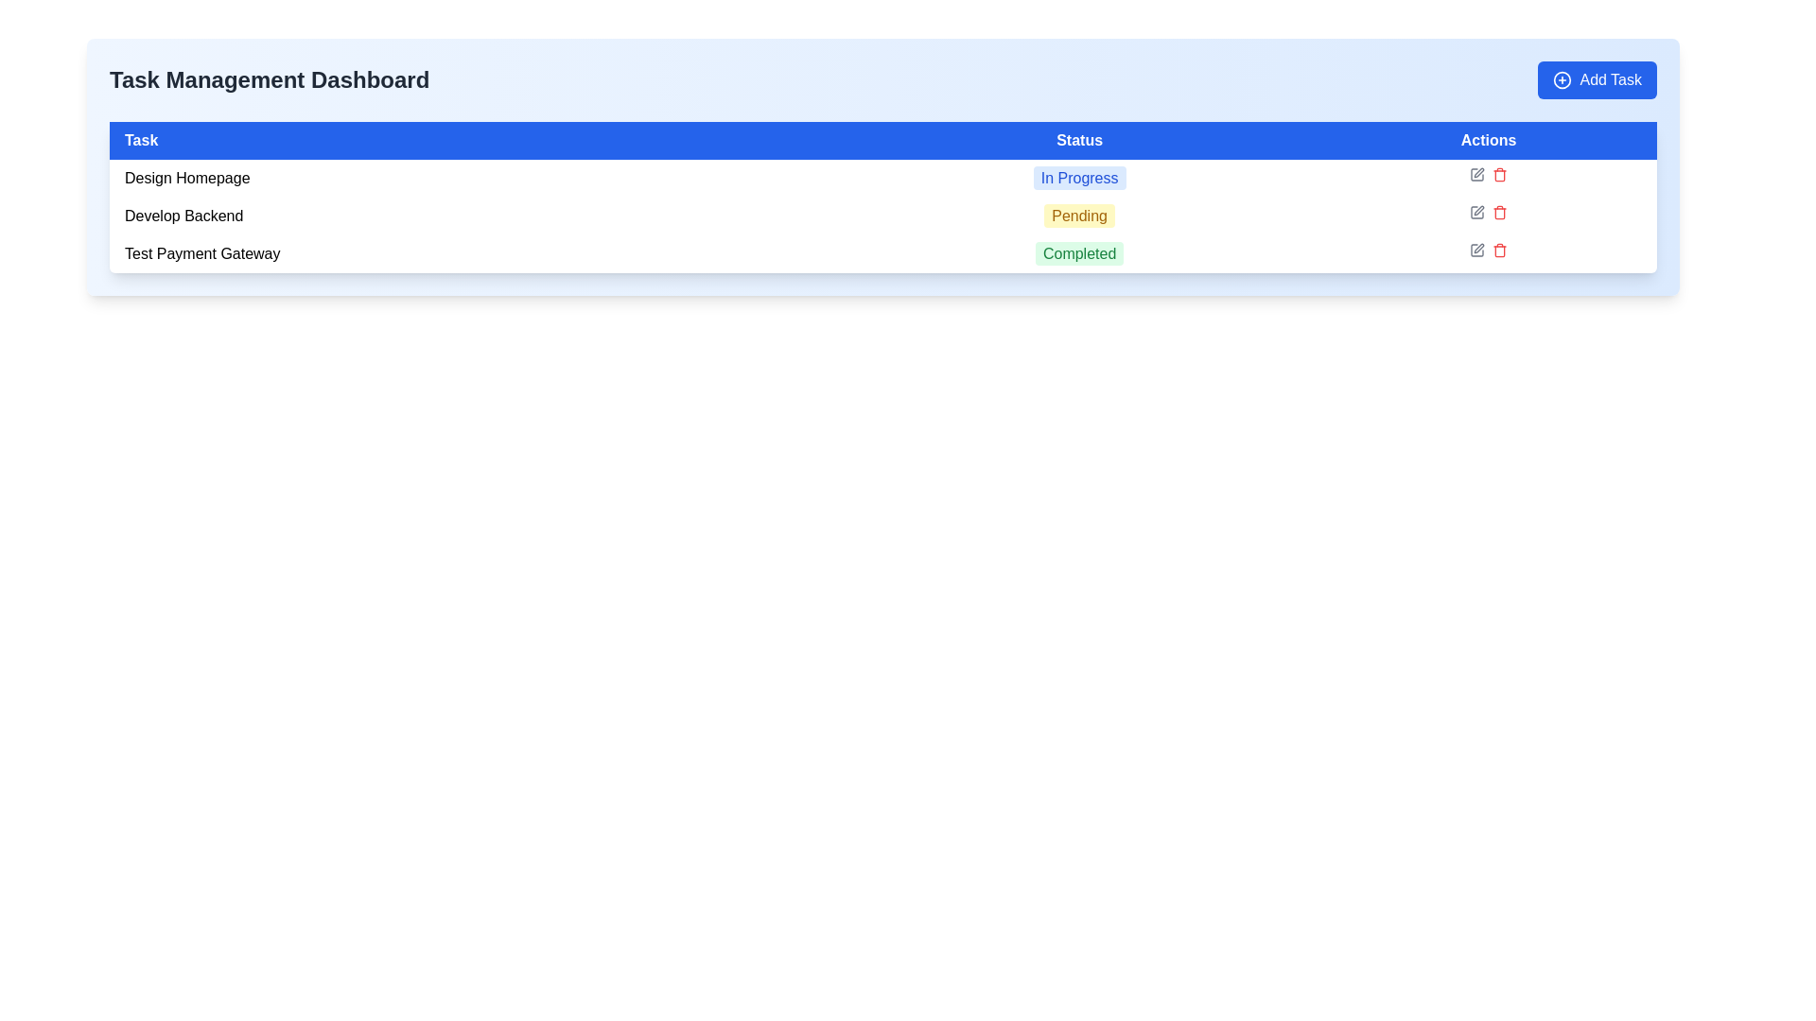 This screenshot has height=1021, width=1816. I want to click on title of the 'Actions' header label located in the rightmost position of the table header row in the dashboard layout, so click(1488, 140).